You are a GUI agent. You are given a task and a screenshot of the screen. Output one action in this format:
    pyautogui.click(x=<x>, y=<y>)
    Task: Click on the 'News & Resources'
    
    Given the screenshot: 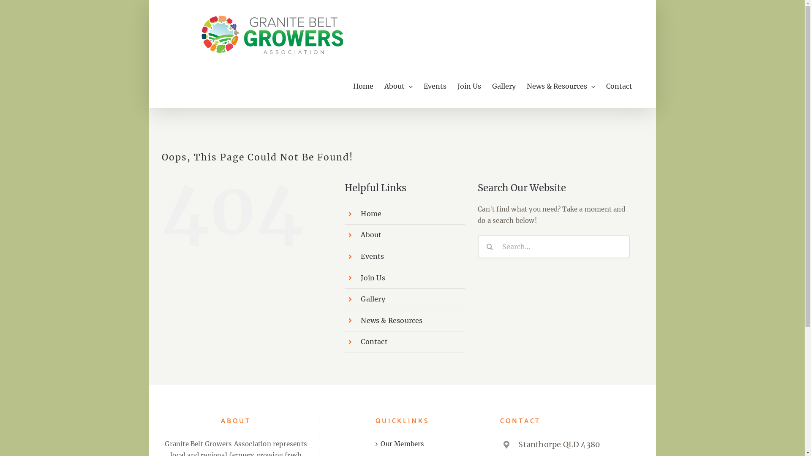 What is the action you would take?
    pyautogui.click(x=560, y=86)
    